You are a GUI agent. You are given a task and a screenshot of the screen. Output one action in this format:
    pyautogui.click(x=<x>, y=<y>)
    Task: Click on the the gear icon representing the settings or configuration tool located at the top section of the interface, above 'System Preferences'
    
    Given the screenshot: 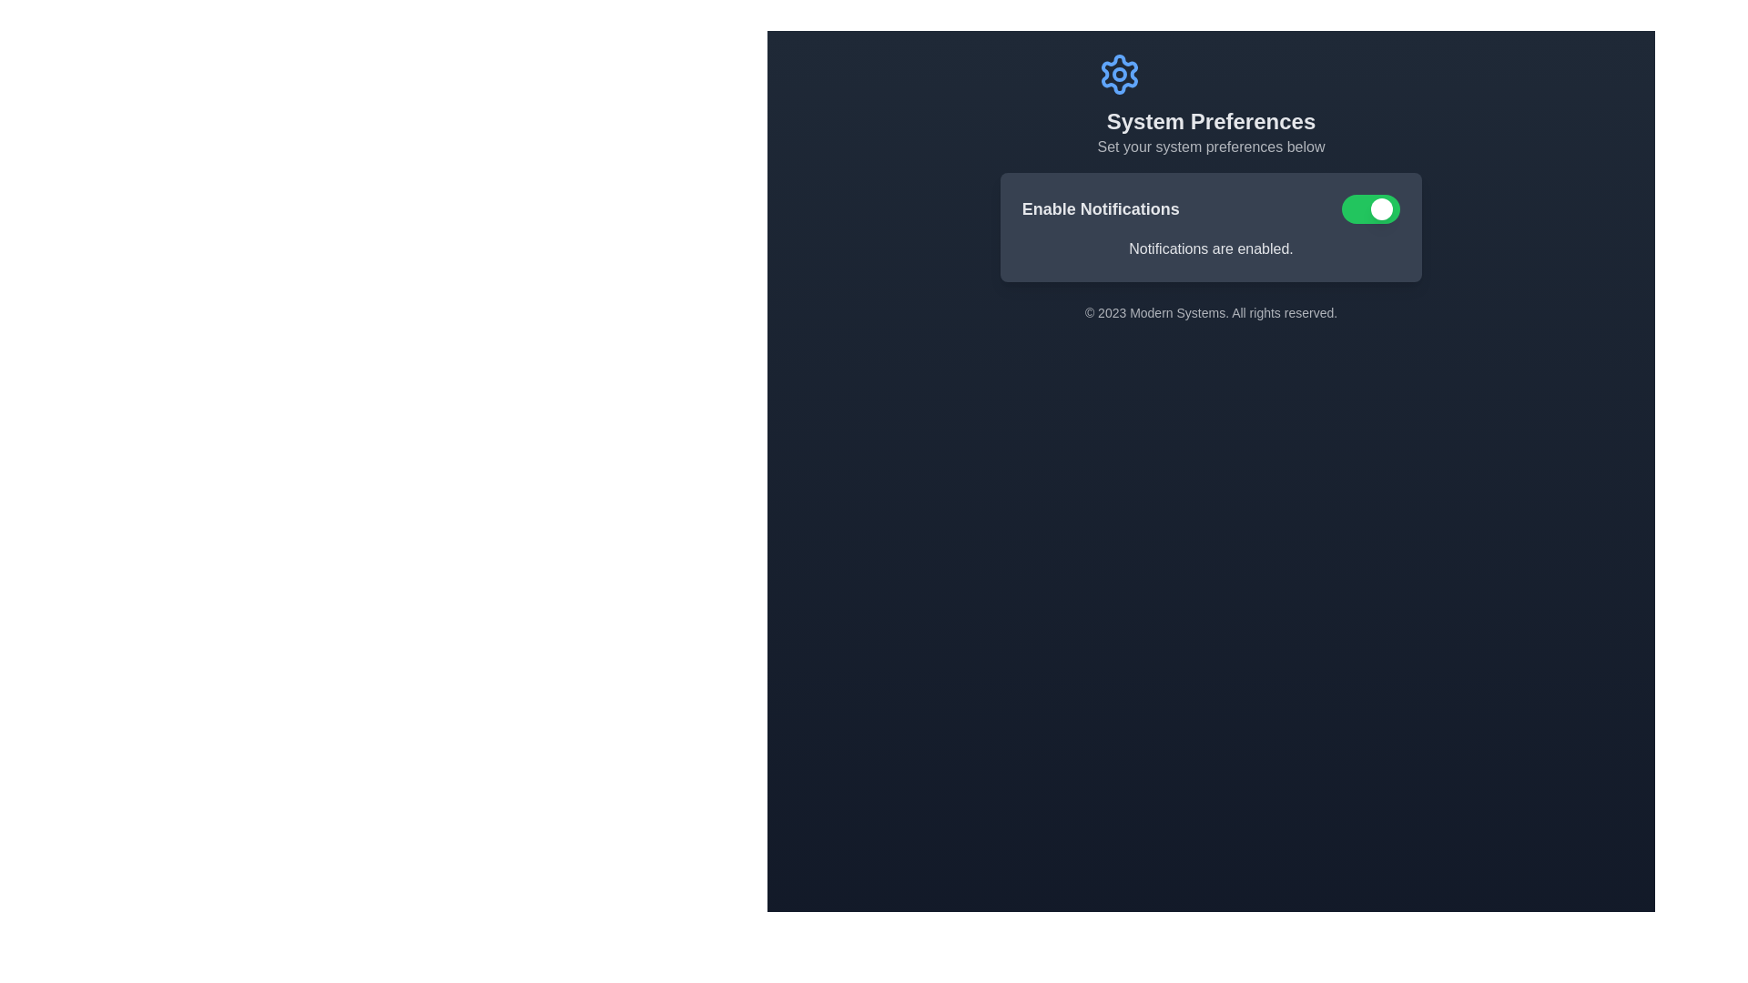 What is the action you would take?
    pyautogui.click(x=1118, y=73)
    